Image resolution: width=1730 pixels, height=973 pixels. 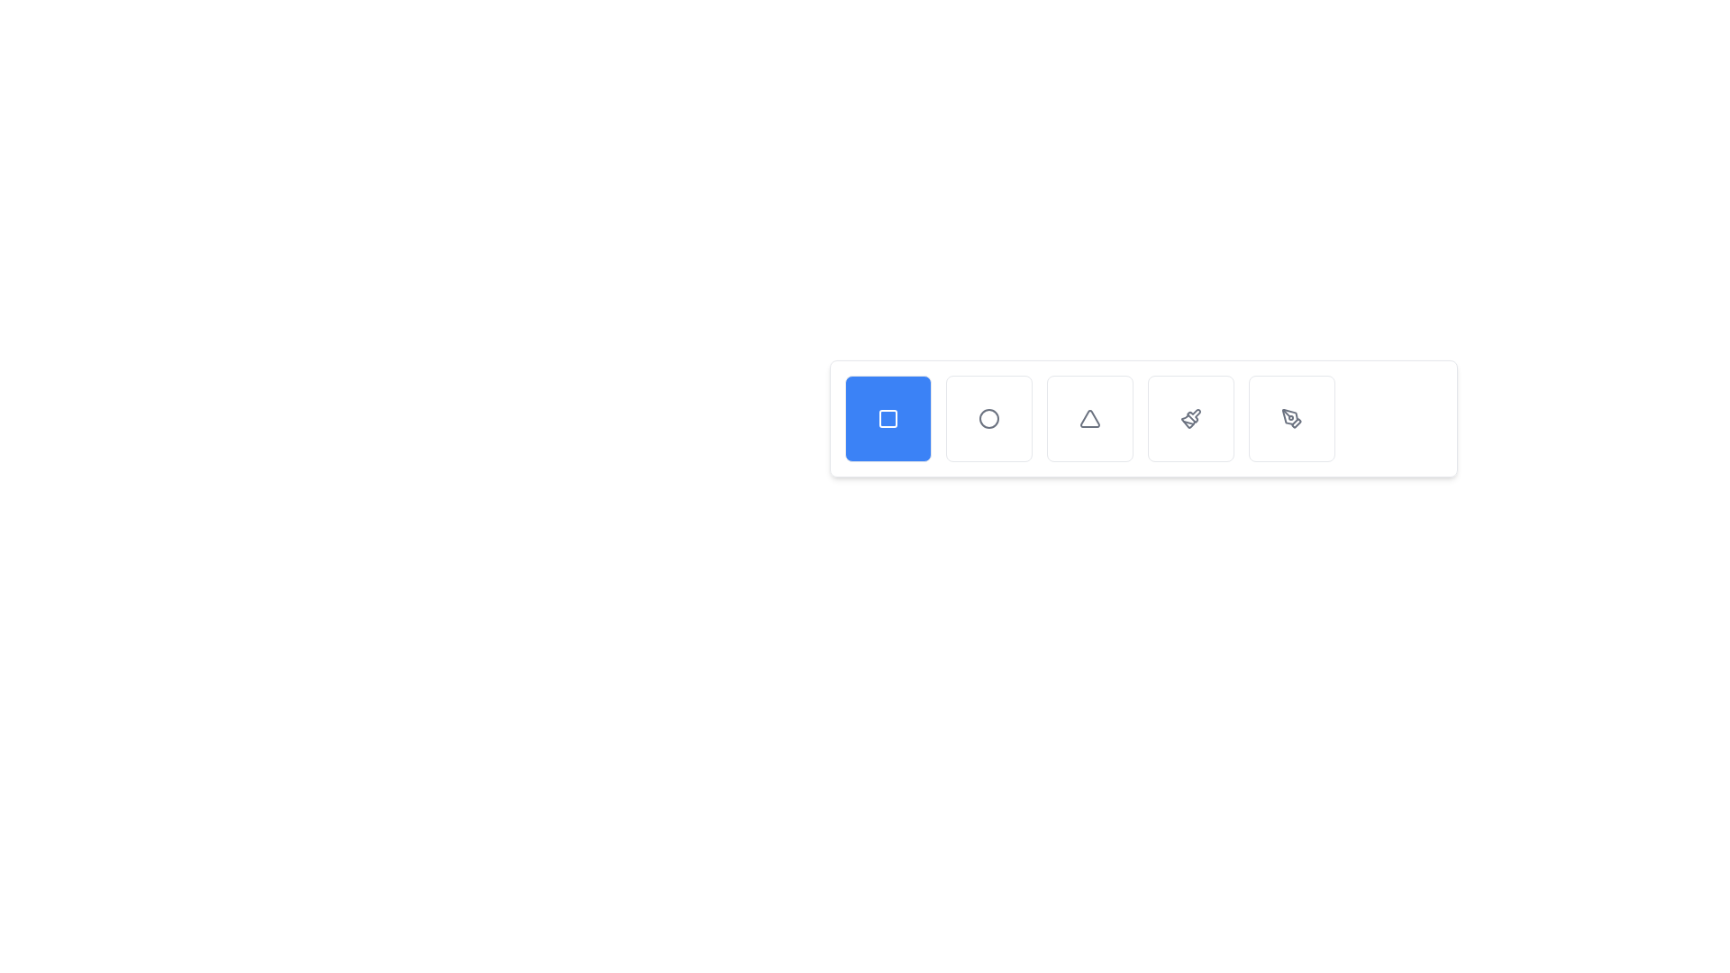 What do you see at coordinates (988, 419) in the screenshot?
I see `the Circle (SVG Graphic) intended for selecting or toggling a specific option or mode, located near the center bottom of the interface` at bounding box center [988, 419].